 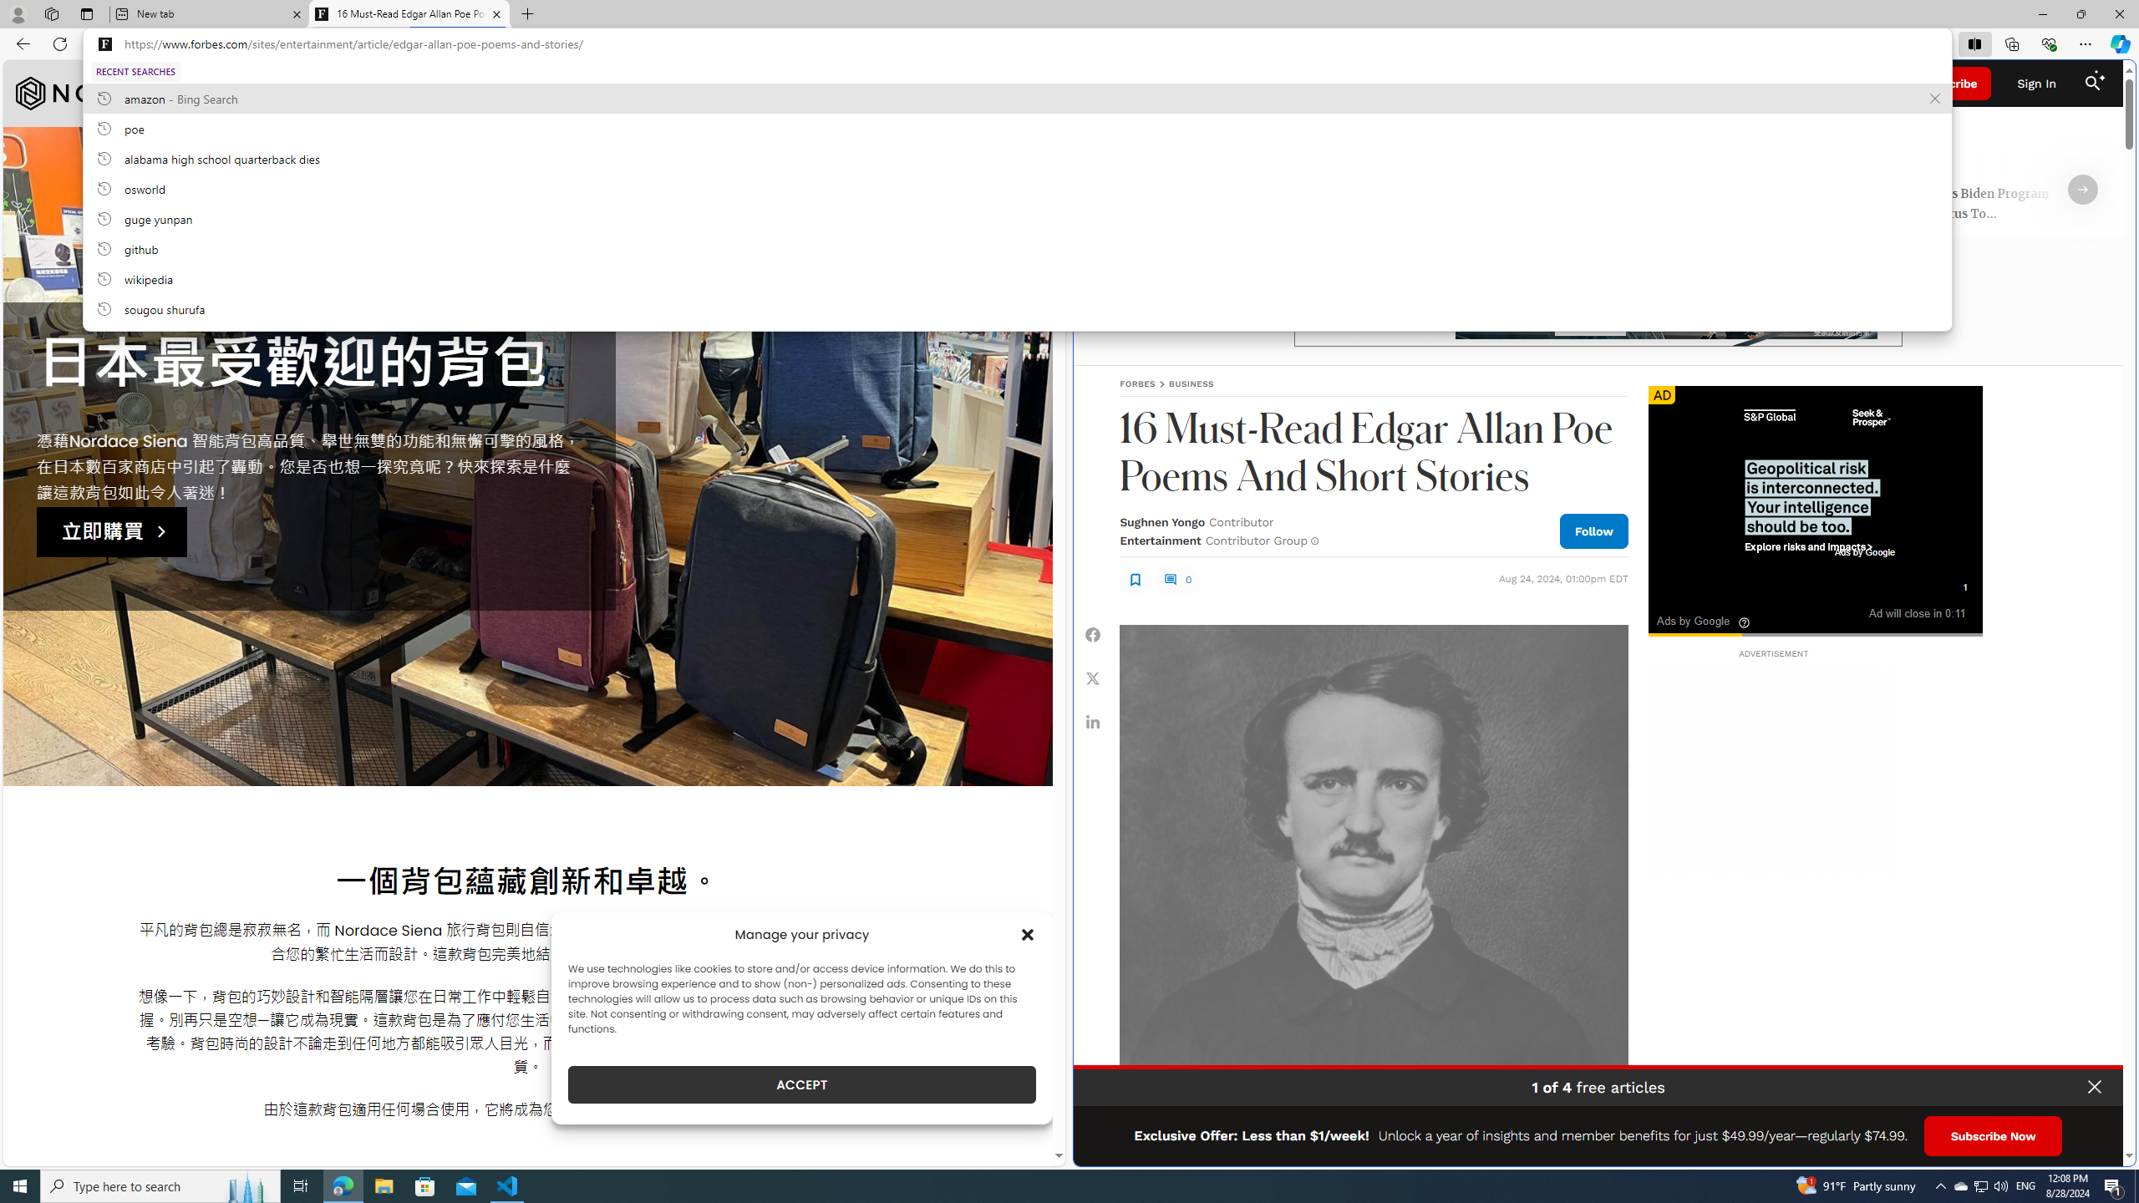 What do you see at coordinates (1314, 541) in the screenshot?
I see `'Class: fs-icon fs-icon--info'` at bounding box center [1314, 541].